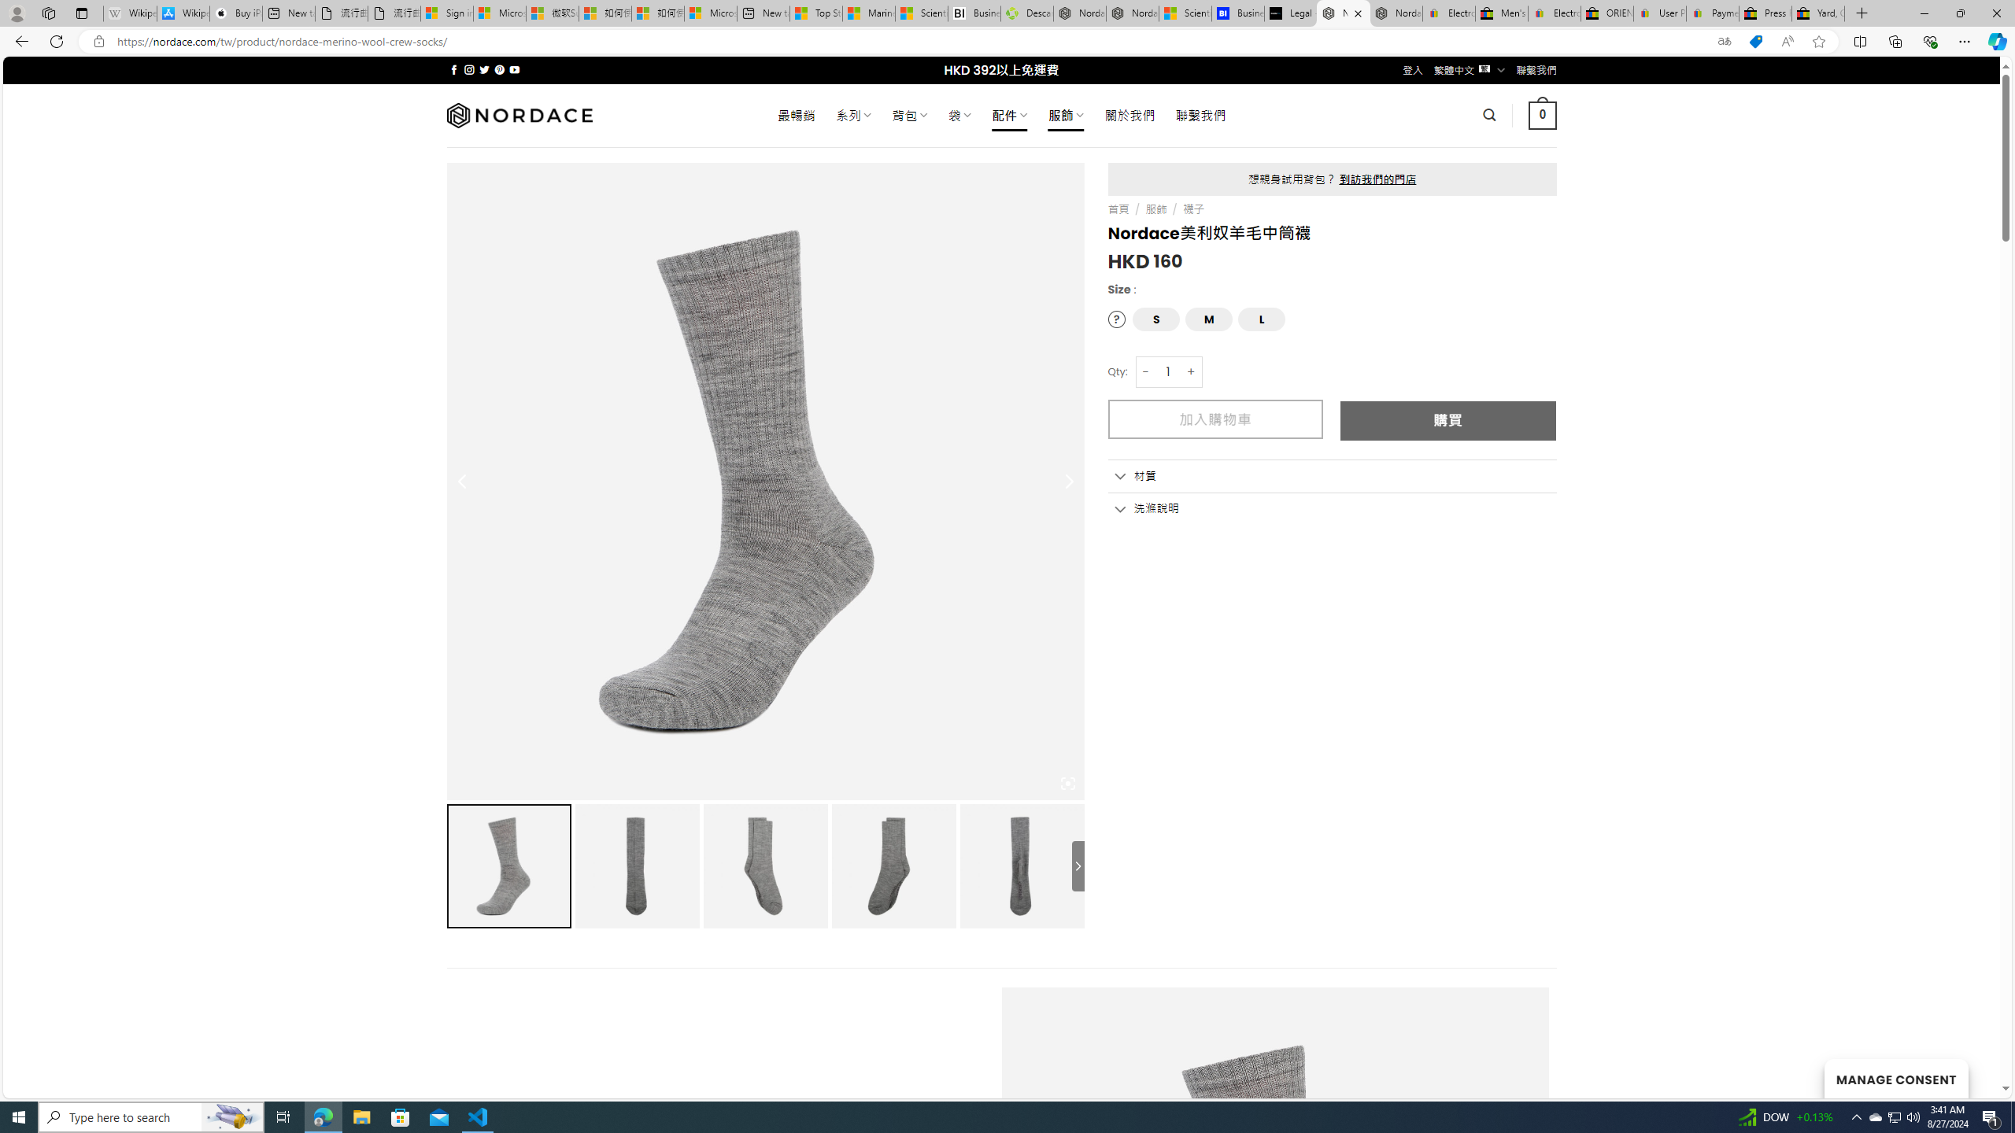  I want to click on 'Class: iconic-woothumbs-fullscreen', so click(1067, 783).